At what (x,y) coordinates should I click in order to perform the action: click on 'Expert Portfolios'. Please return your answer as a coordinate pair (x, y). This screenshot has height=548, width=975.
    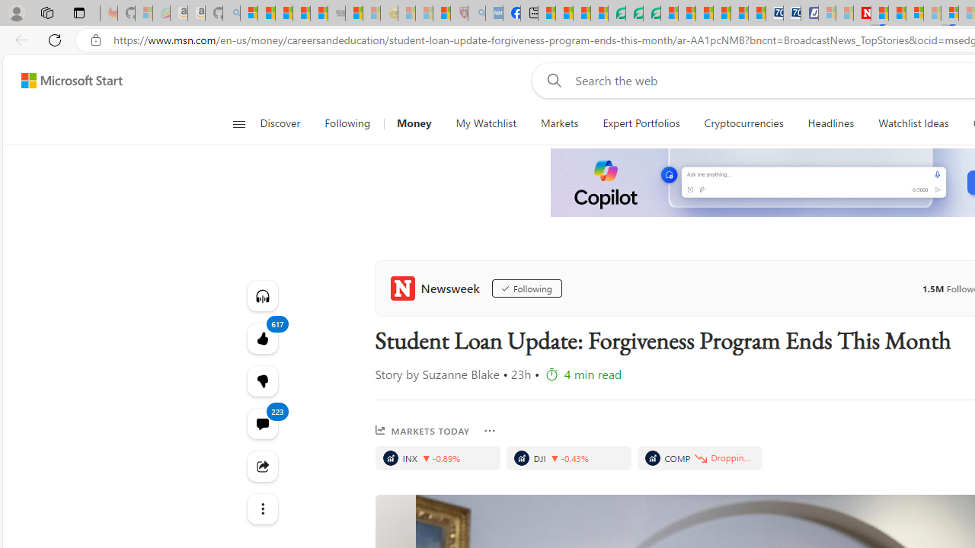
    Looking at the image, I should click on (641, 123).